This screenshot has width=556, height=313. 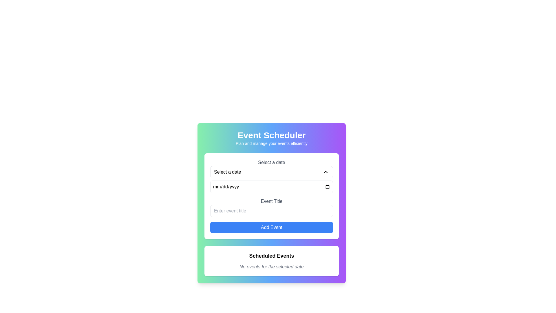 I want to click on the confirm button located directly below the 'Event Title' text field, so click(x=271, y=227).